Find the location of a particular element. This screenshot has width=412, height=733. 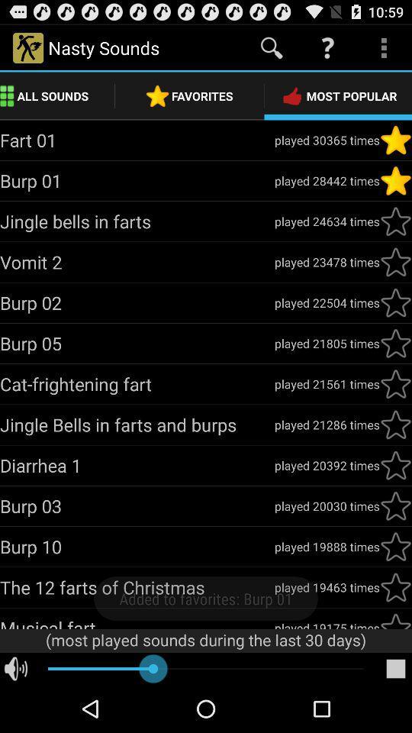

icon next to the burp 10 is located at coordinates (326, 547).